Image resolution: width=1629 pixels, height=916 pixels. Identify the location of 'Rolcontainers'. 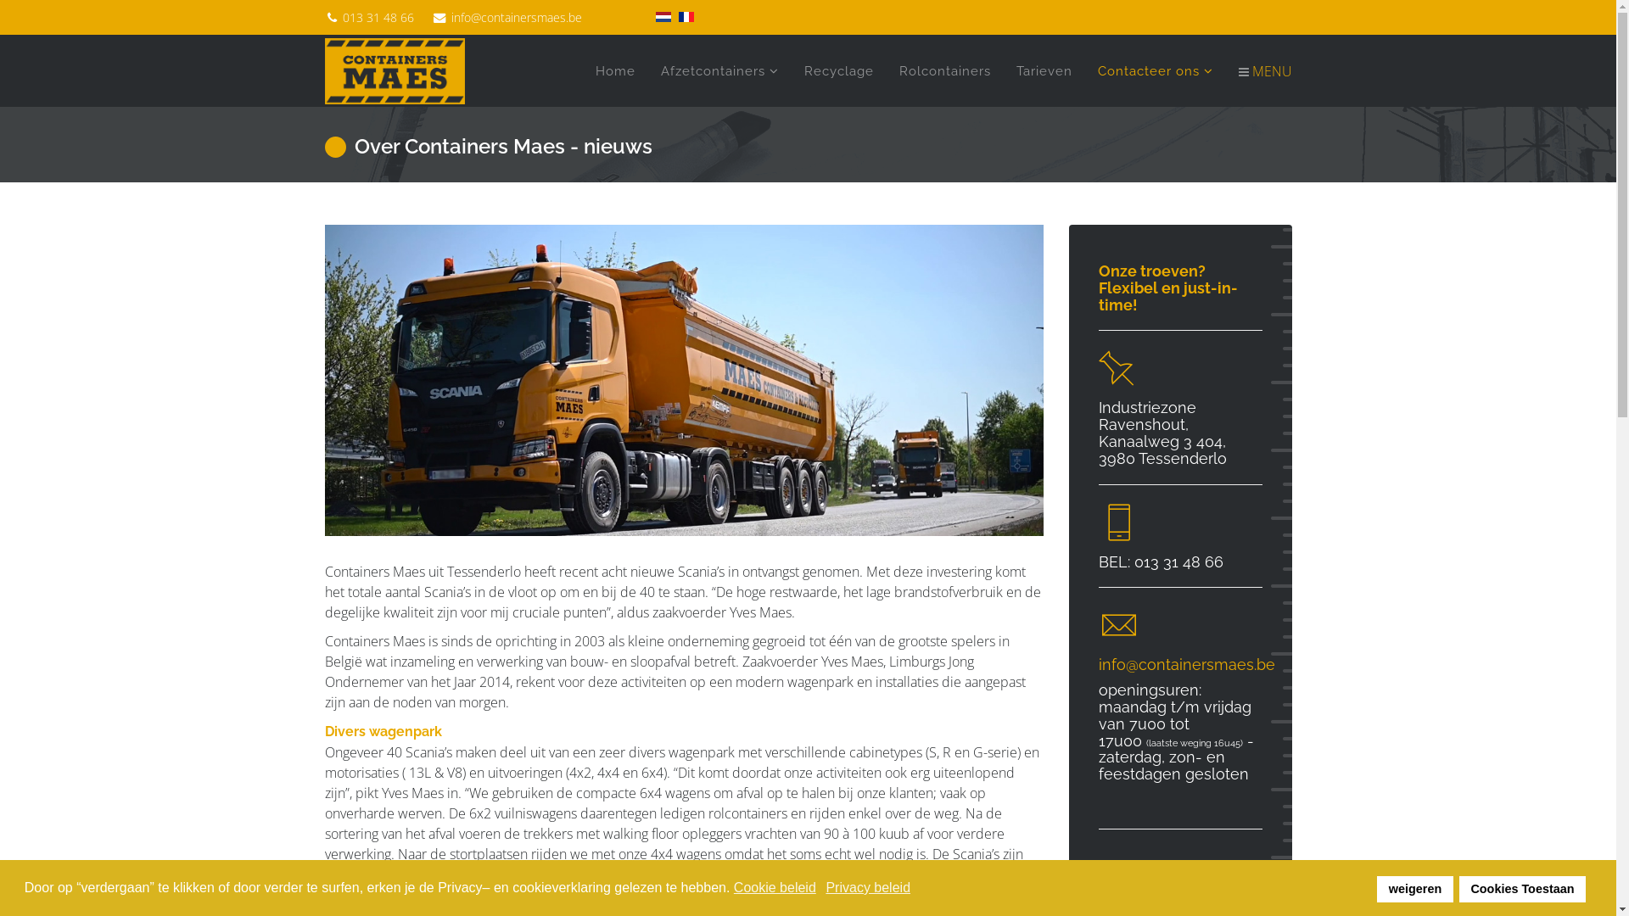
(943, 70).